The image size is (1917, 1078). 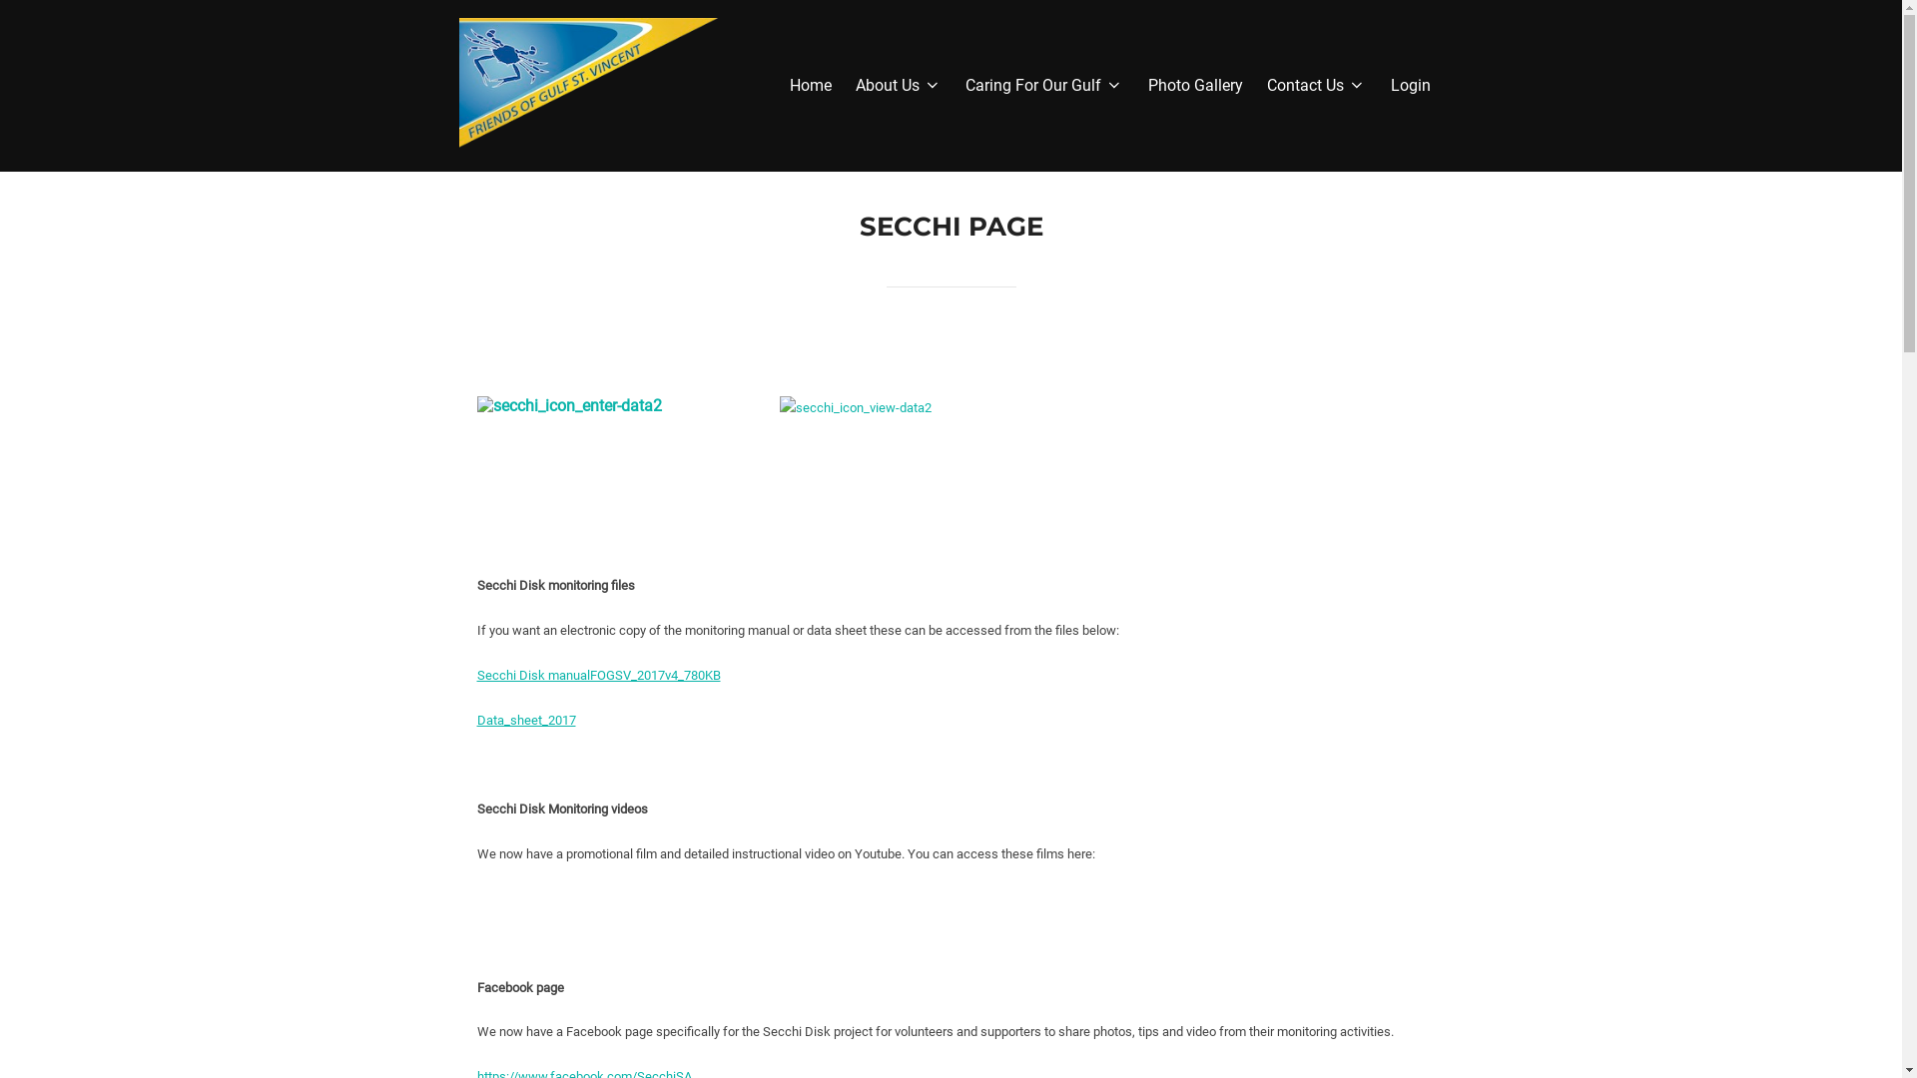 What do you see at coordinates (526, 720) in the screenshot?
I see `'Data_sheet_2017'` at bounding box center [526, 720].